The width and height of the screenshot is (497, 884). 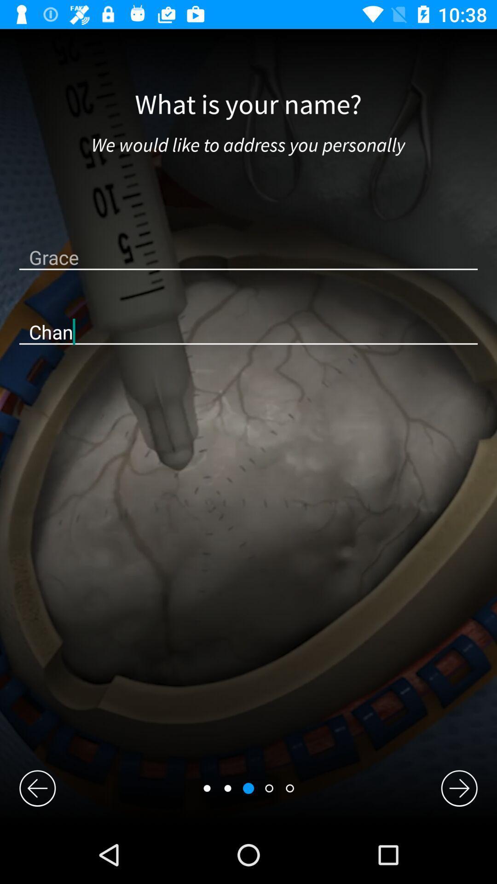 I want to click on chan icon, so click(x=248, y=331).